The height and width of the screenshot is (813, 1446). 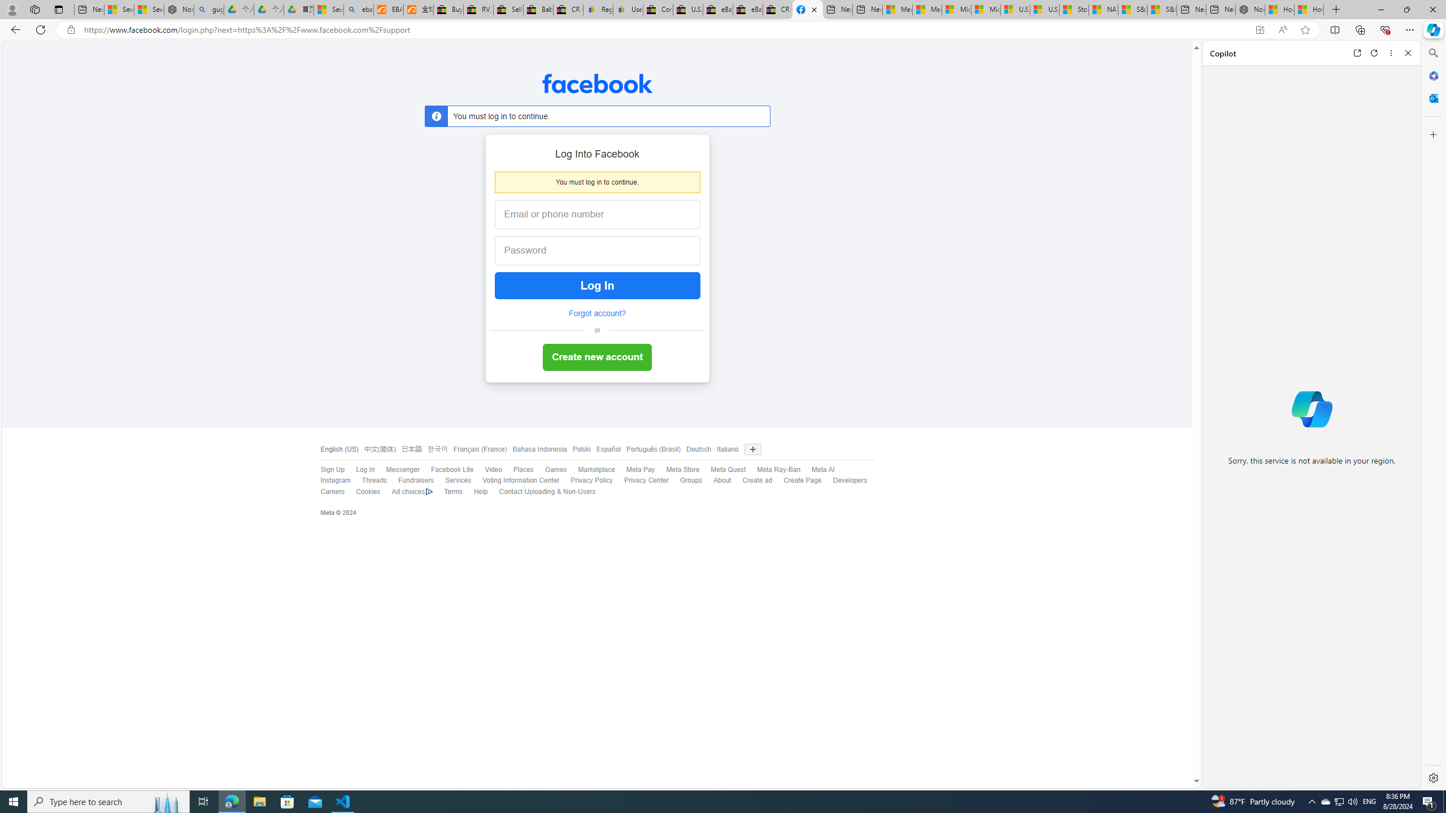 I want to click on 'Meta Quest', so click(x=723, y=470).